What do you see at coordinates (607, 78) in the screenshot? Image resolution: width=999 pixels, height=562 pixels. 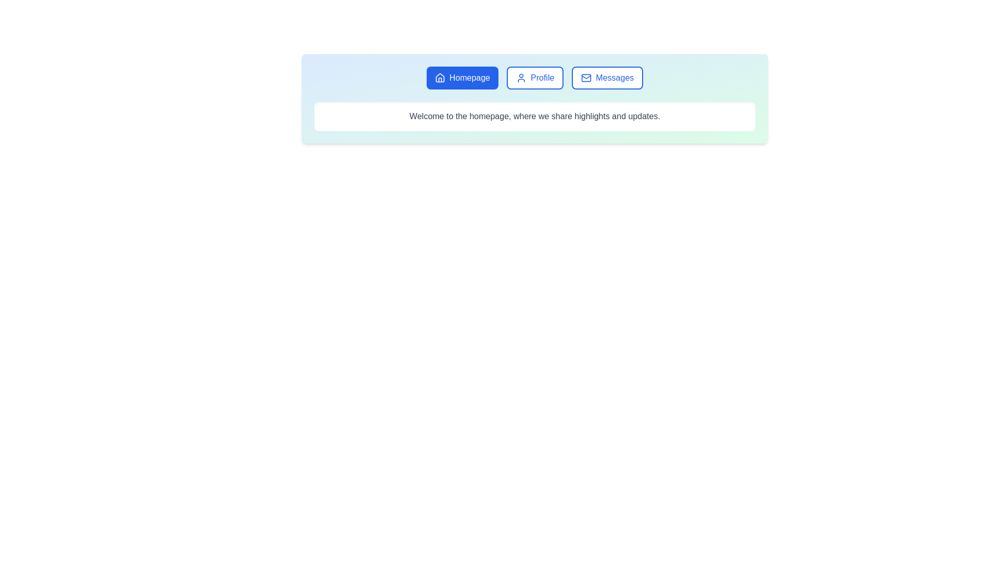 I see `the Messages tab` at bounding box center [607, 78].